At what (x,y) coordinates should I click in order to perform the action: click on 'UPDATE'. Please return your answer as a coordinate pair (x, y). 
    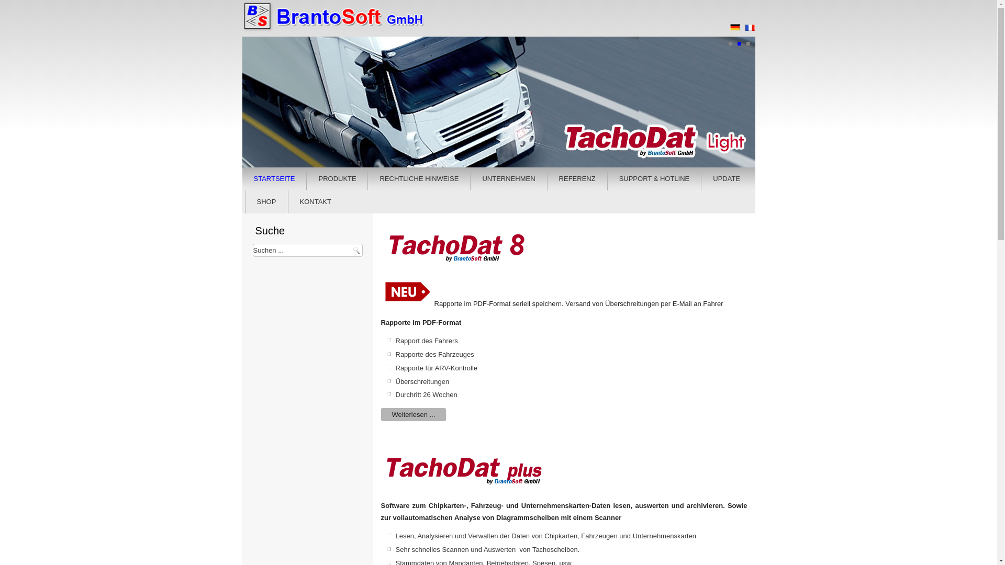
    Looking at the image, I should click on (725, 178).